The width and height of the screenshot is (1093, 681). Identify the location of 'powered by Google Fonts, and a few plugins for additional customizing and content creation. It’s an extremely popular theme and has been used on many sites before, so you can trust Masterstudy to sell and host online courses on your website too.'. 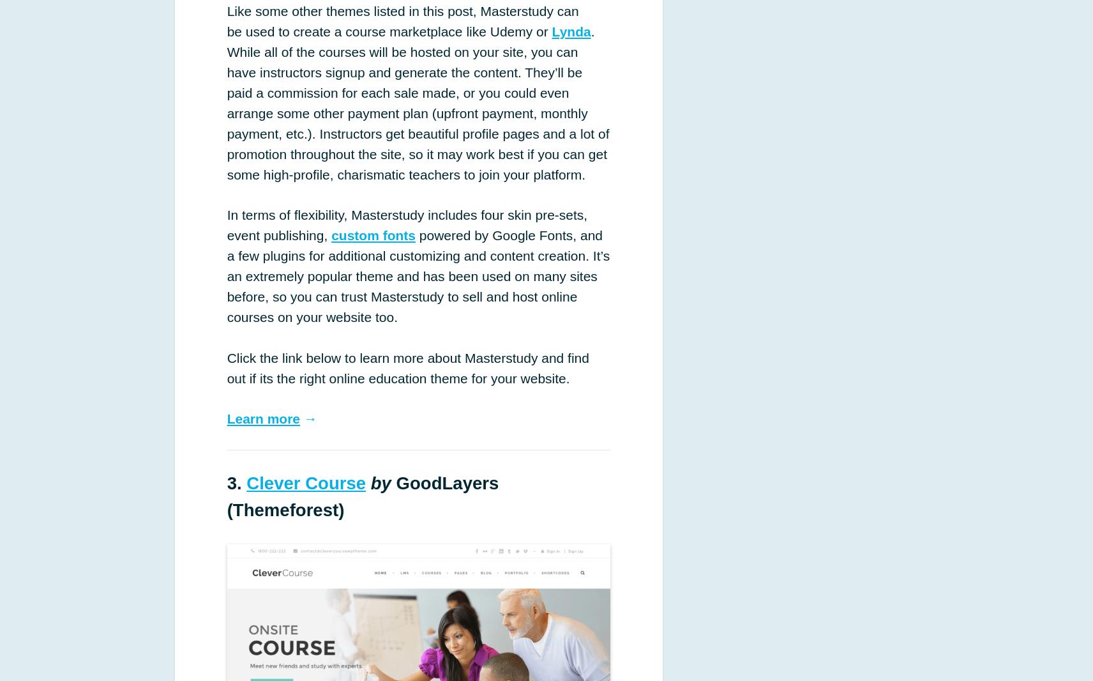
(418, 276).